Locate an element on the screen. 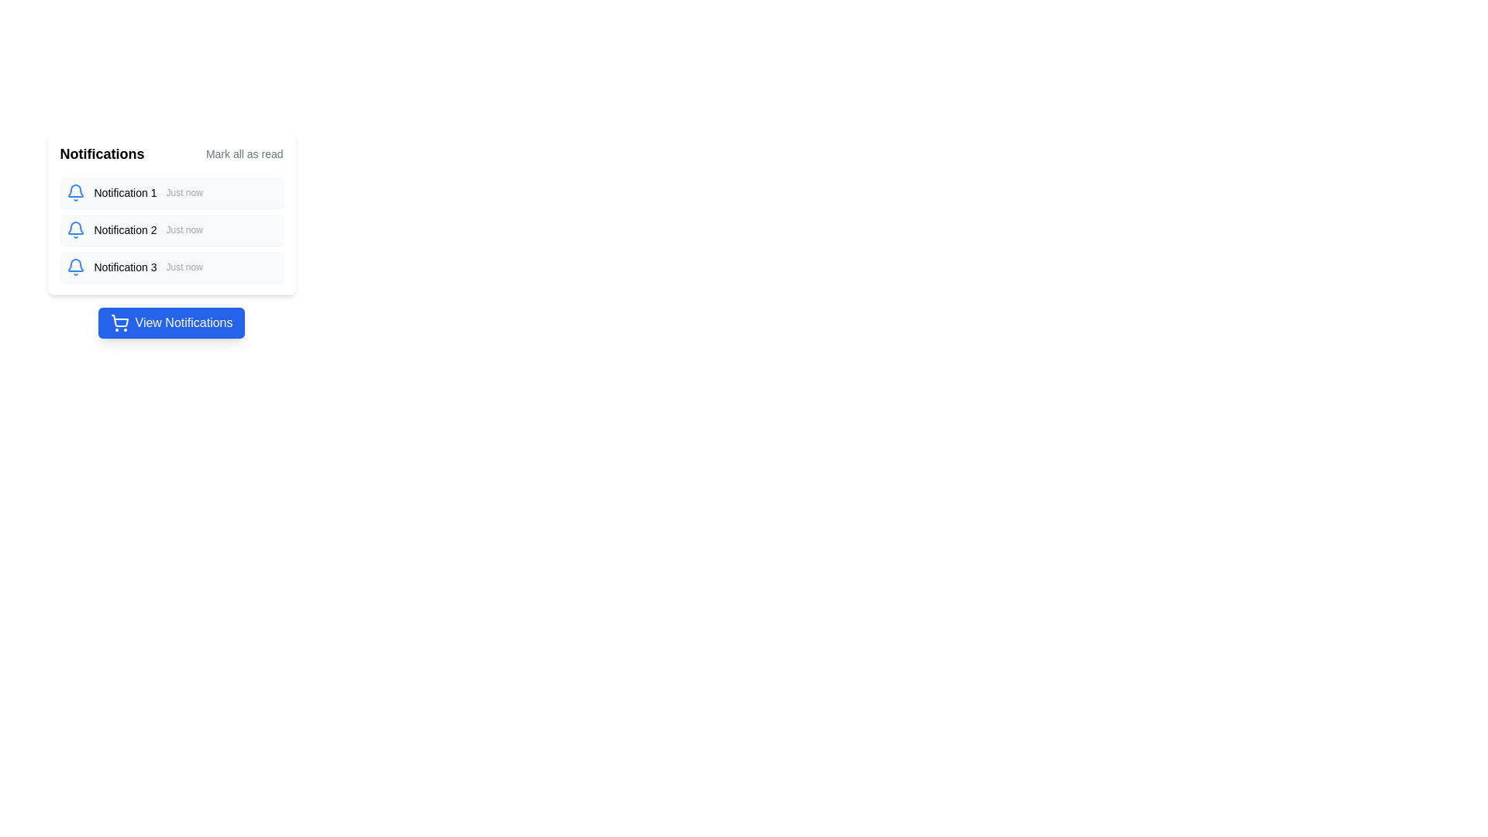  the third notification title label, which is aligned to the left next to a bell icon and the text 'Just now' is located at coordinates (126, 266).